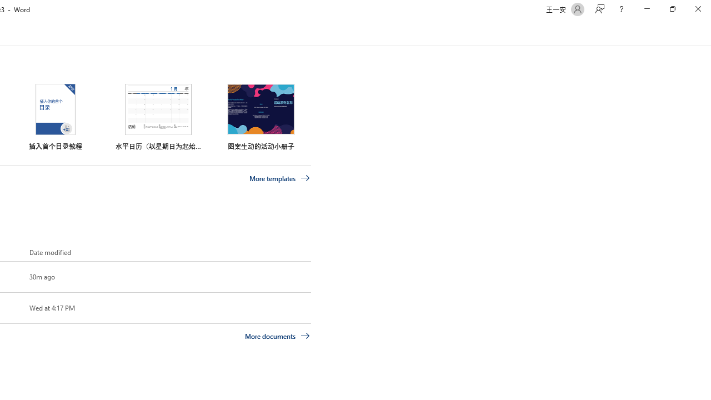  What do you see at coordinates (672, 9) in the screenshot?
I see `'Restore Down'` at bounding box center [672, 9].